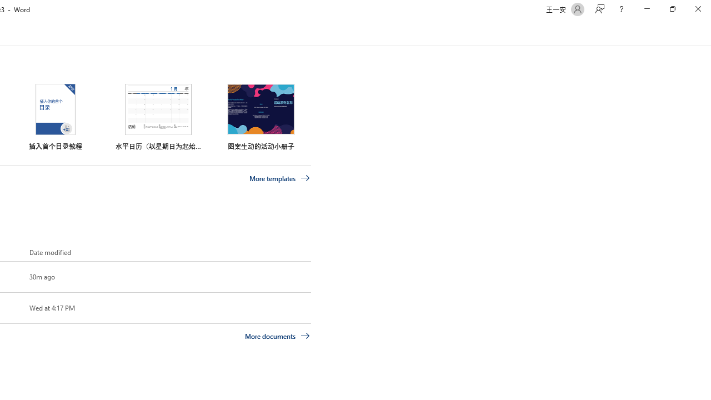  What do you see at coordinates (672, 9) in the screenshot?
I see `'Restore Down'` at bounding box center [672, 9].